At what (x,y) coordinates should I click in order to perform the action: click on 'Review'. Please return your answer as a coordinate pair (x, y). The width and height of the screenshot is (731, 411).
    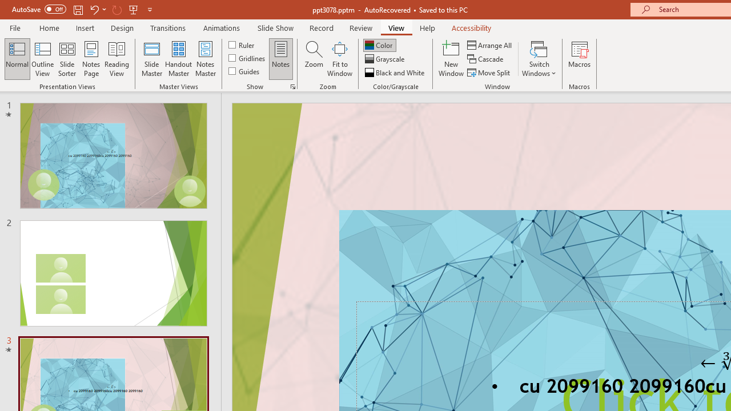
    Looking at the image, I should click on (360, 27).